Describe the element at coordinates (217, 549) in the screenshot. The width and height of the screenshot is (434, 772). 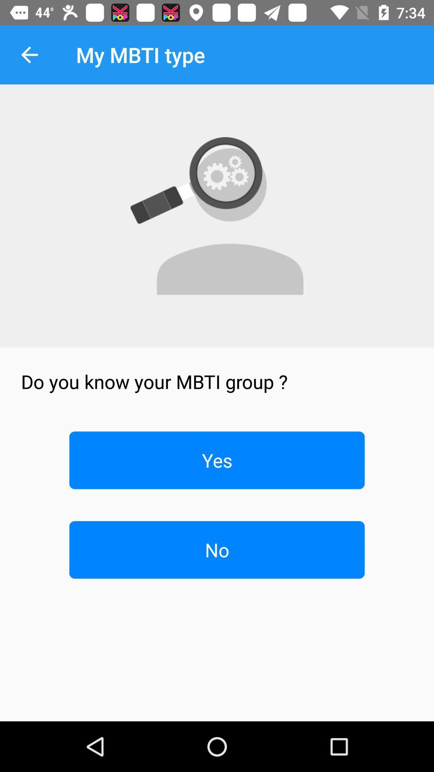
I see `item below the yes` at that location.